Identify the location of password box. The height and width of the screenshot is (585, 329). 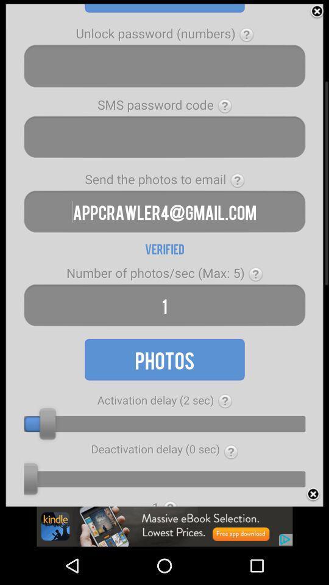
(164, 137).